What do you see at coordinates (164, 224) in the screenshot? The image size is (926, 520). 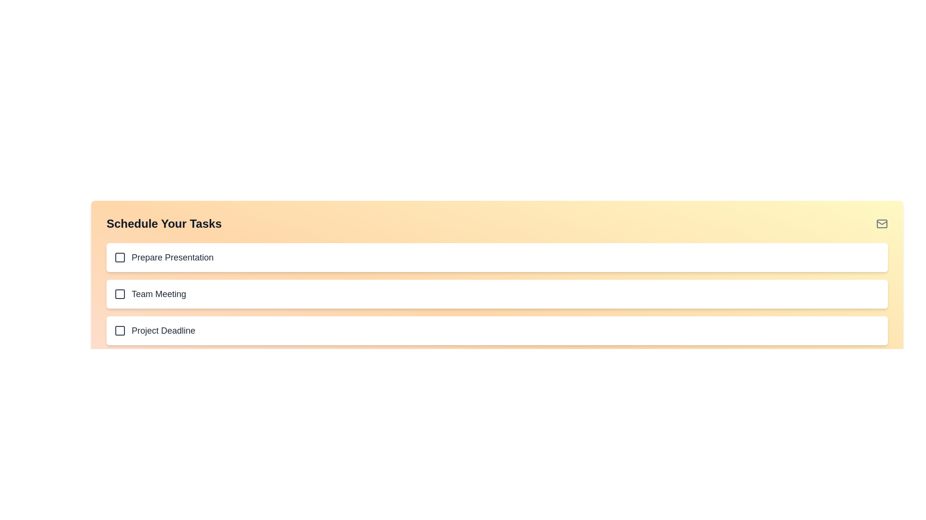 I see `text element displaying 'Schedule Your Tasks' which is positioned at the top-left corner of the interface` at bounding box center [164, 224].